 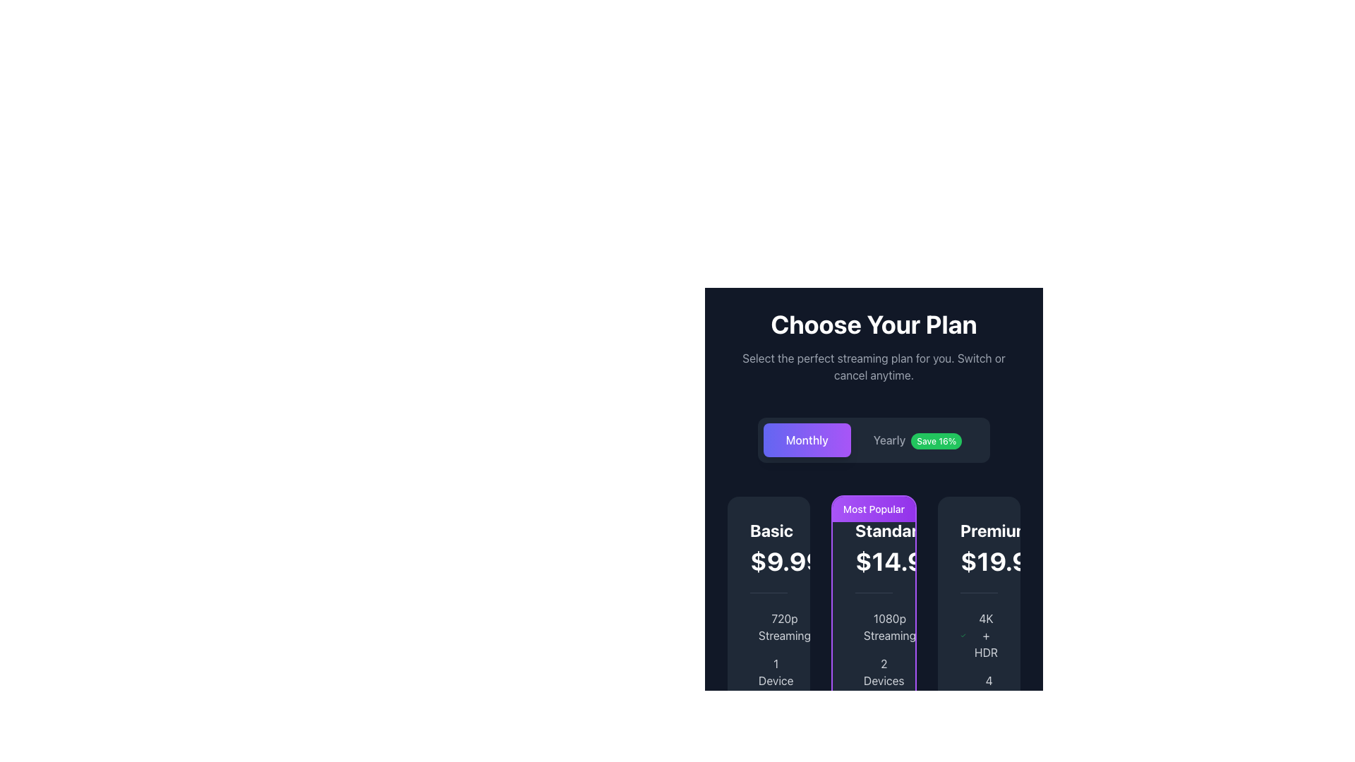 What do you see at coordinates (897, 560) in the screenshot?
I see `the Text label displaying the monthly subscription cost for the 'Standard' plan, which is located in the 'Standard' subscription plan section above the description text` at bounding box center [897, 560].